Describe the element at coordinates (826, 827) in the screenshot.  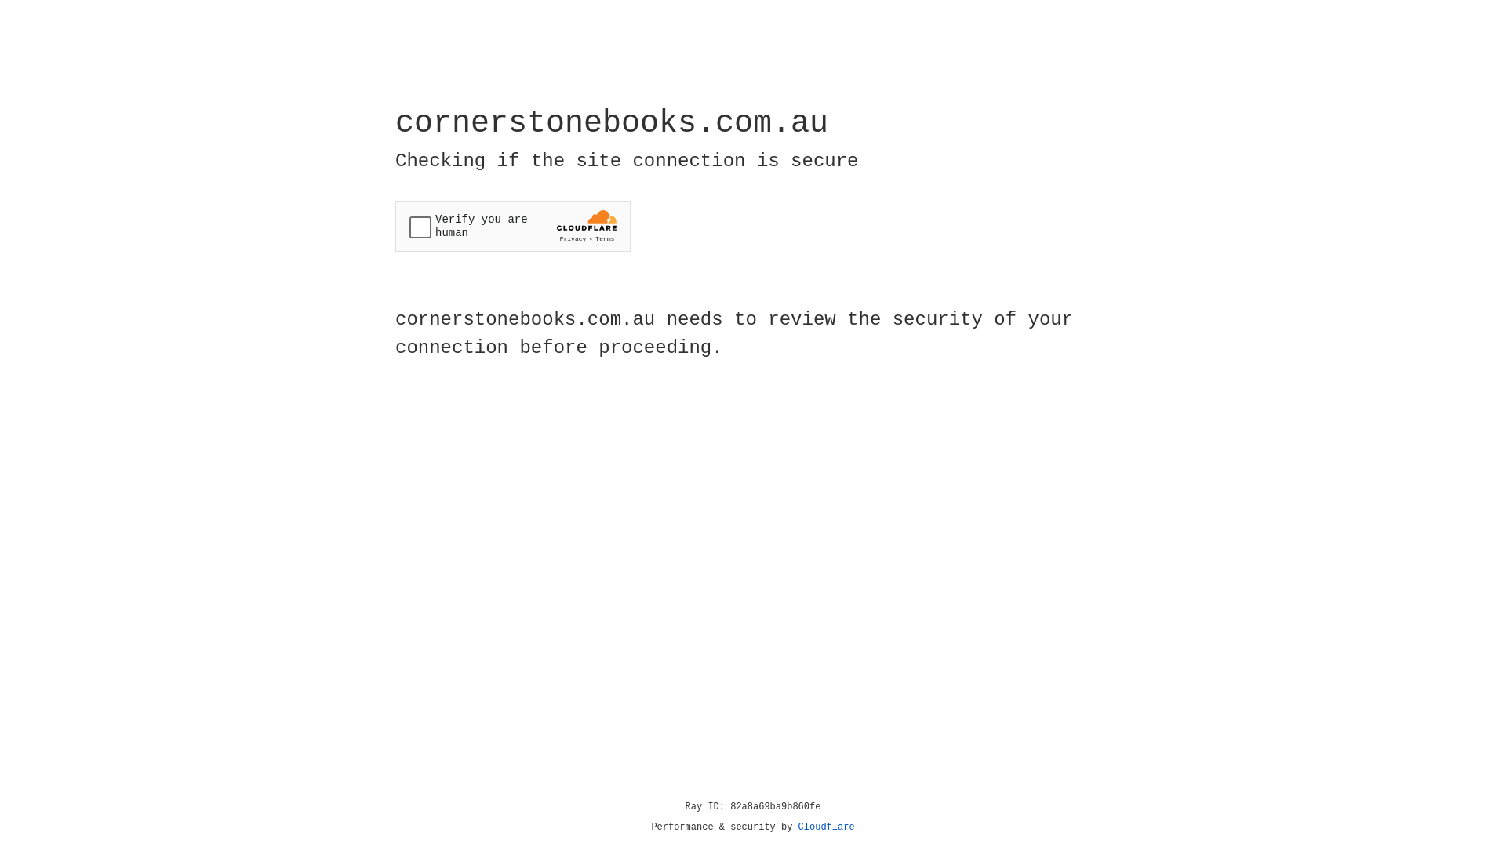
I see `'Cloudflare'` at that location.